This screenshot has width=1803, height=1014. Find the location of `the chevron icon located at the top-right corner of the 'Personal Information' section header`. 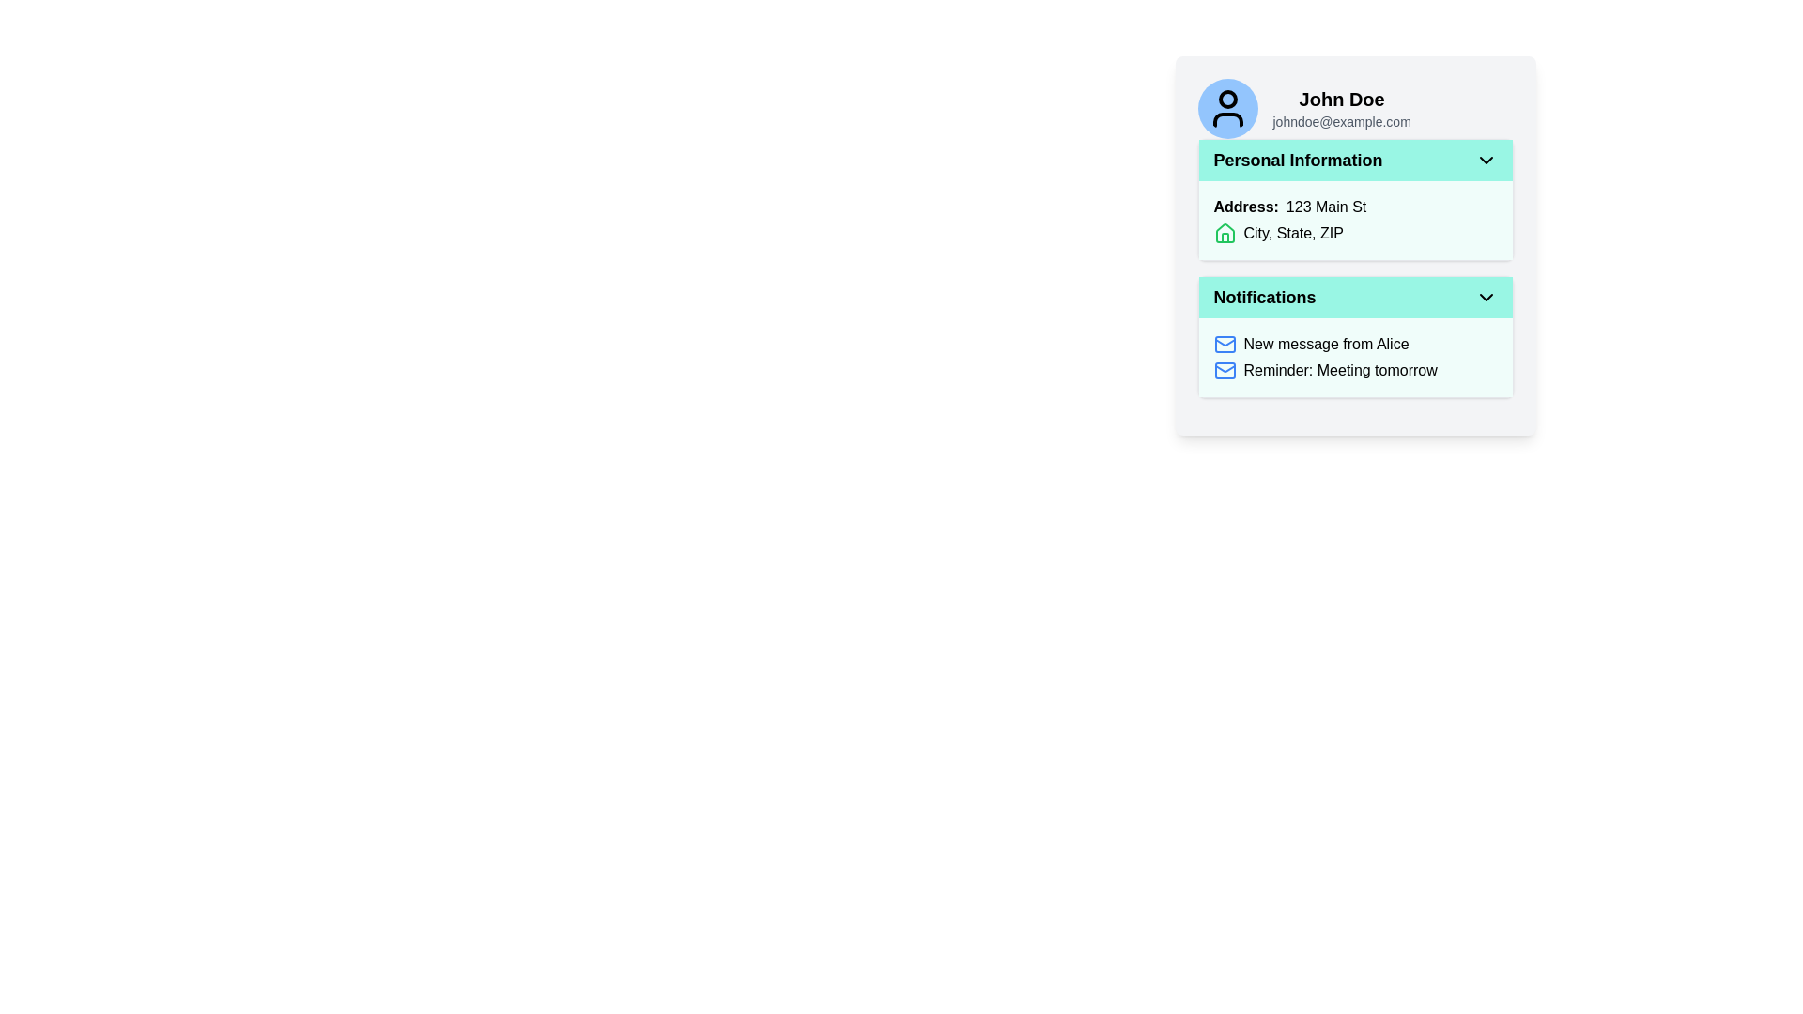

the chevron icon located at the top-right corner of the 'Personal Information' section header is located at coordinates (1485, 159).